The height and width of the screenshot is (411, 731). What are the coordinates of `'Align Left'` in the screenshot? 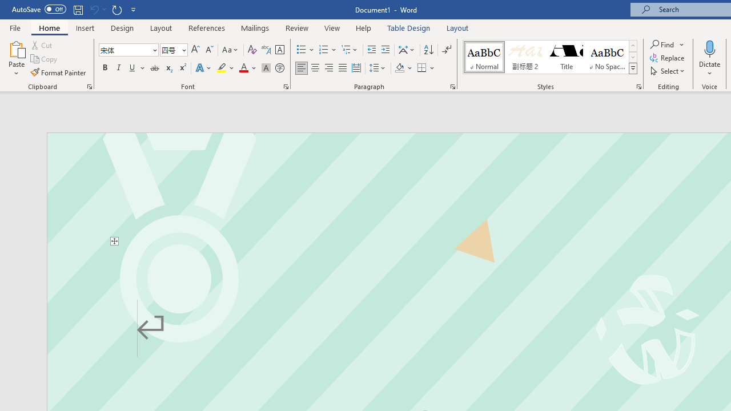 It's located at (302, 68).